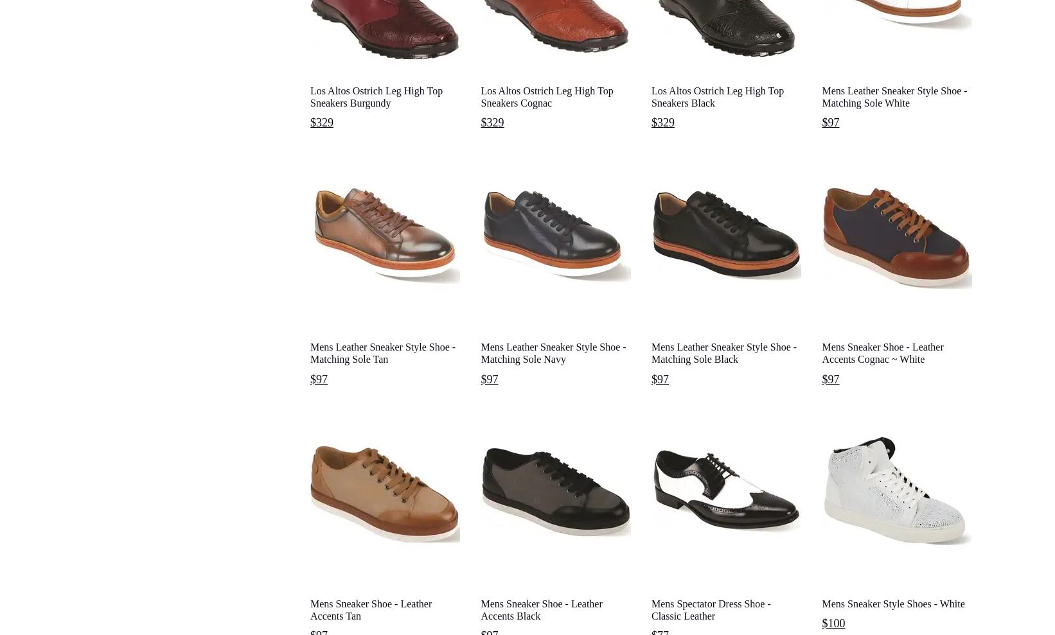  What do you see at coordinates (783, 512) in the screenshot?
I see `'vaqueros'` at bounding box center [783, 512].